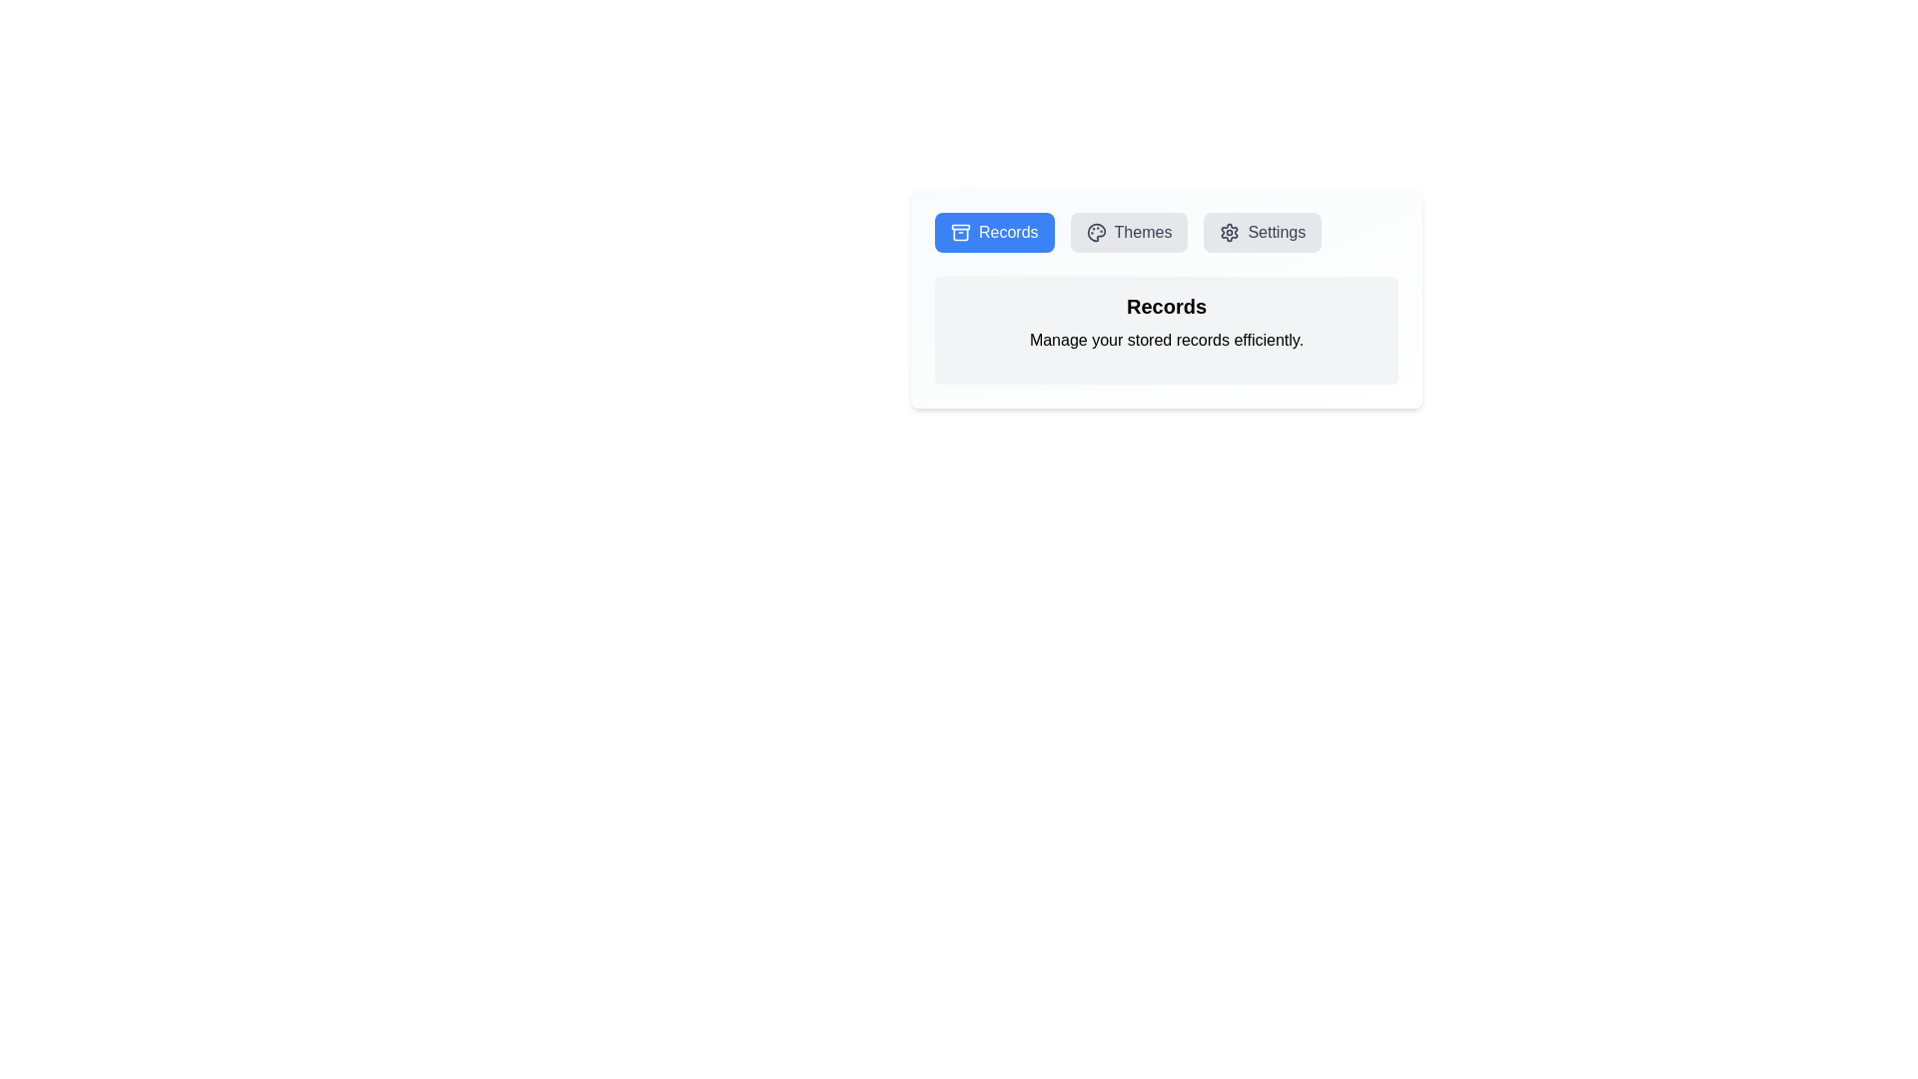 This screenshot has width=1918, height=1079. Describe the element at coordinates (1262, 231) in the screenshot. I see `the Settings tab by clicking the corresponding button` at that location.